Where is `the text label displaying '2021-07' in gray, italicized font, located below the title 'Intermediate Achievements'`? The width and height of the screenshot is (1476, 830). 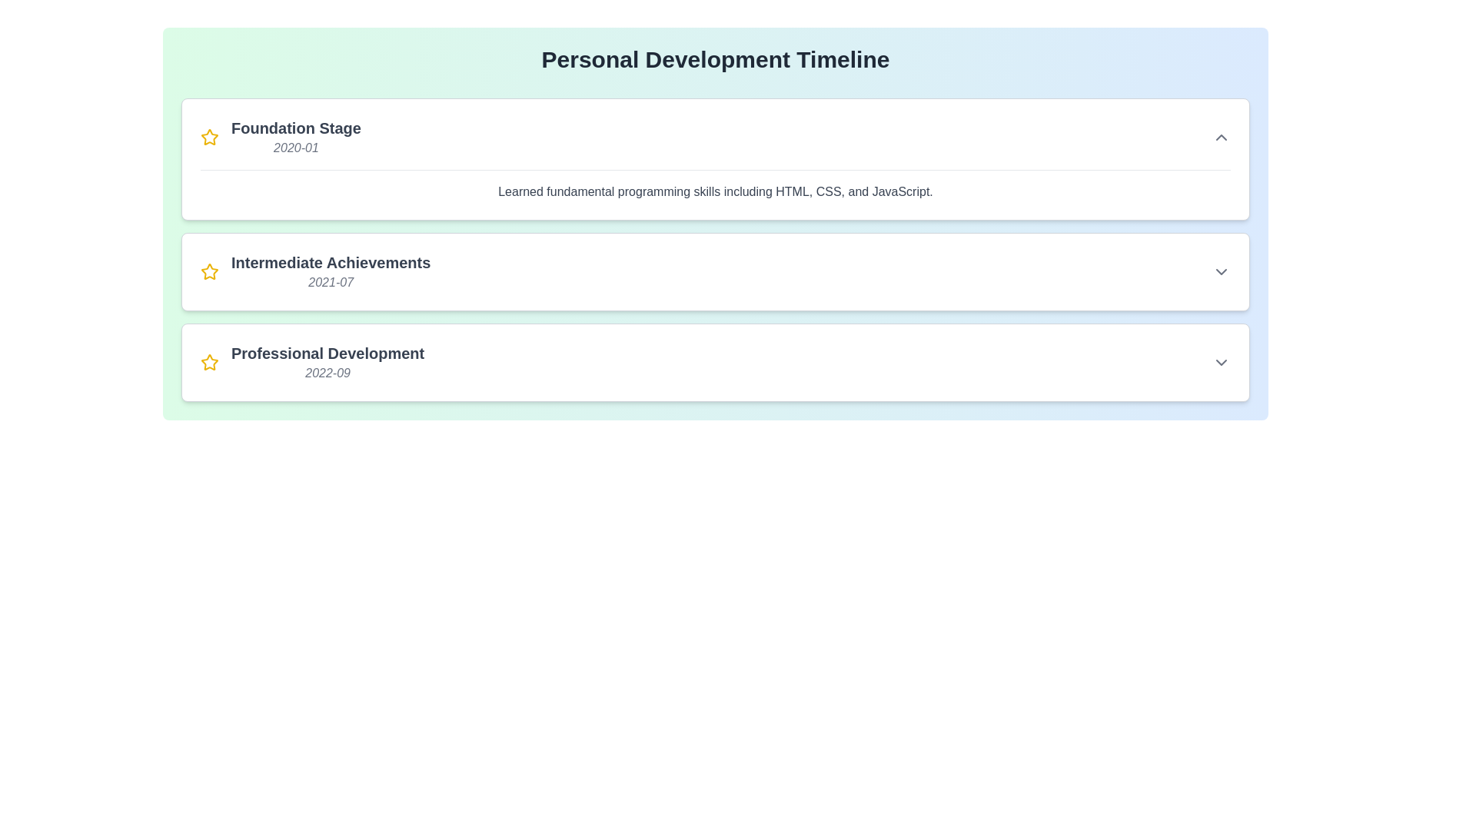 the text label displaying '2021-07' in gray, italicized font, located below the title 'Intermediate Achievements' is located at coordinates (330, 282).